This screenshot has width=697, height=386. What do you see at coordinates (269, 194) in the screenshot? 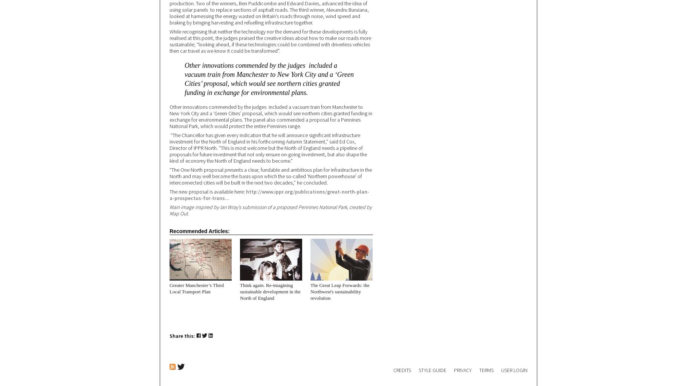
I see `'http://www.ippr.org/publications/great-north-plan-a-prospectus-for-trans...'` at bounding box center [269, 194].